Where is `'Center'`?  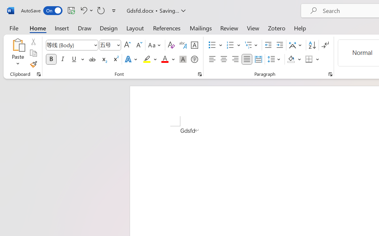
'Center' is located at coordinates (224, 59).